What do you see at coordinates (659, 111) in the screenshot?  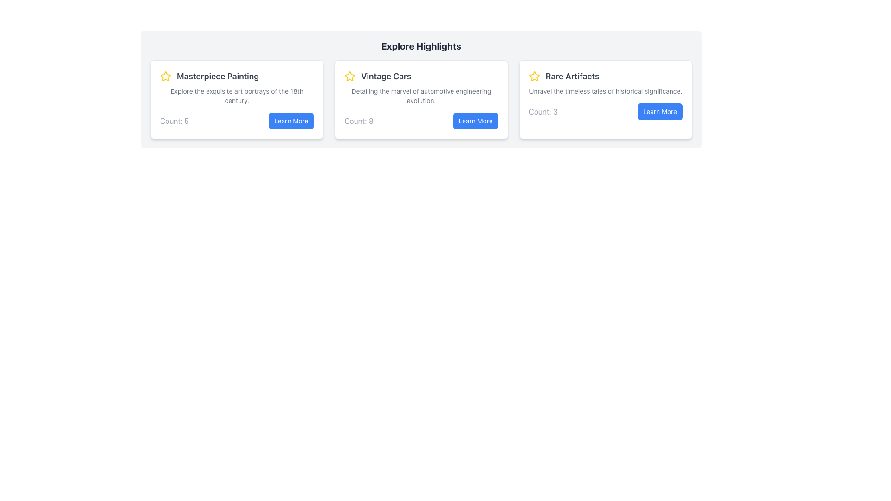 I see `the 'Learn More' button, which is a blue button with white text and rounded corners, located to the right of the label 'Count: 3' in the third card of a horizontally aligned group` at bounding box center [659, 111].